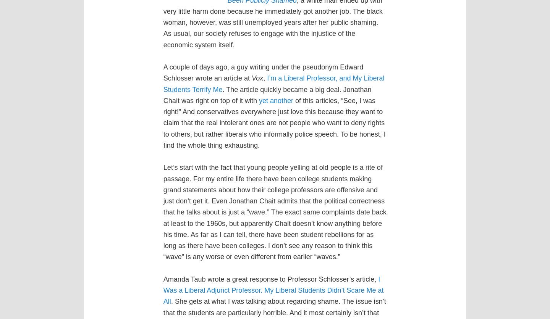 This screenshot has height=319, width=550. Describe the element at coordinates (270, 279) in the screenshot. I see `'Amanda Taub wrote a great response to Professor Schlosser’s article,'` at that location.